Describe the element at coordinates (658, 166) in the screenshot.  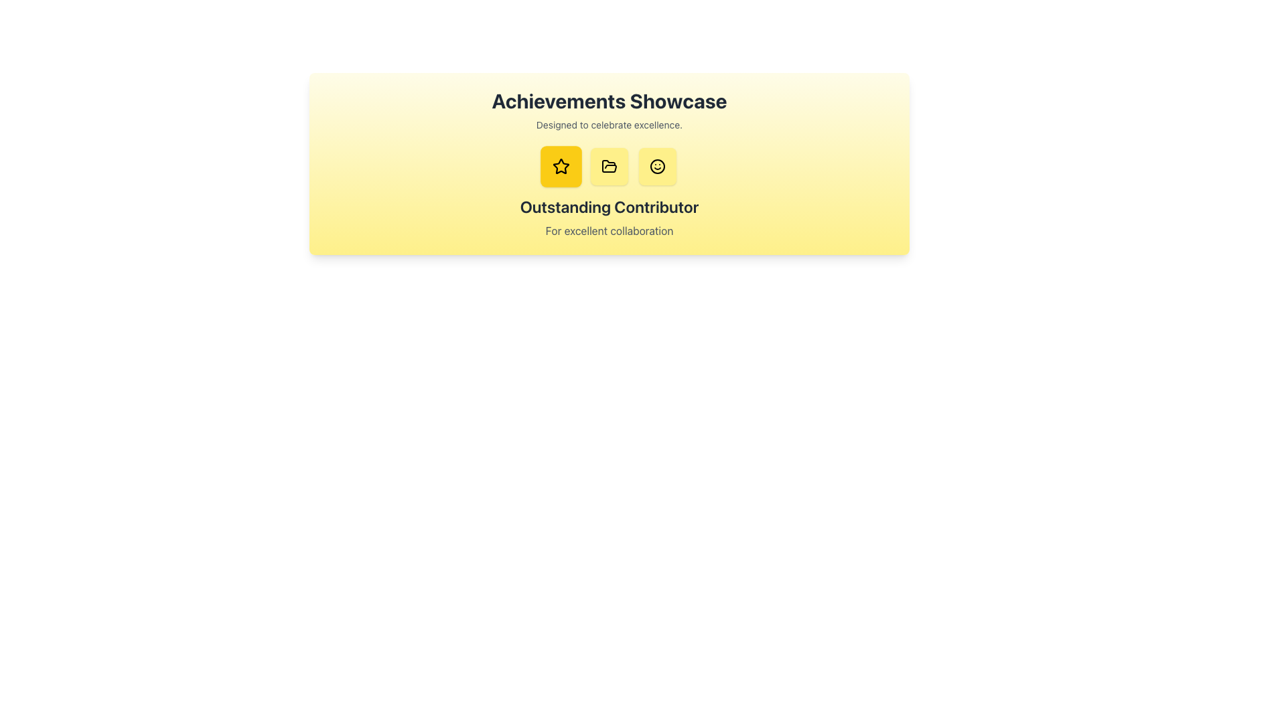
I see `the far-right button in a row of three buttons` at that location.